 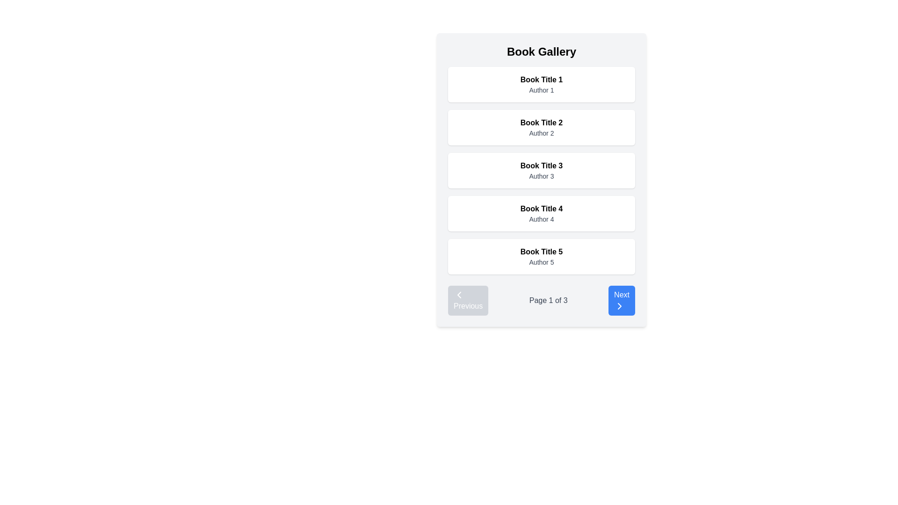 I want to click on the fifth card in the Book Gallery, which displays 'Book Title 5' in bold and 'Author 5' in smaller gray text, so click(x=541, y=256).